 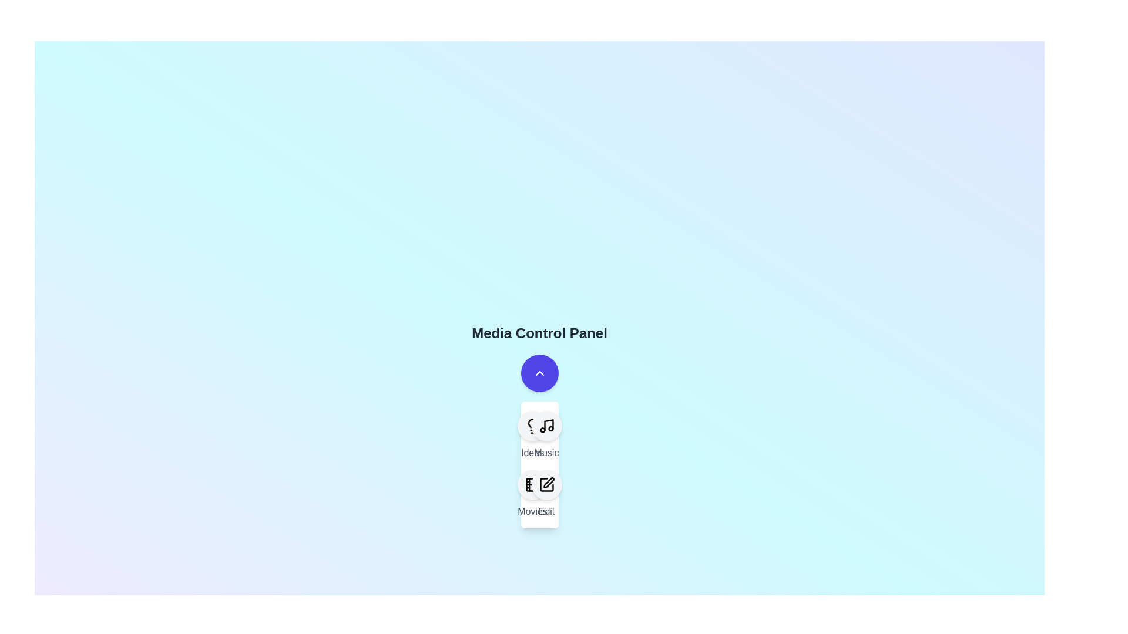 I want to click on the Music option in the menu, so click(x=546, y=426).